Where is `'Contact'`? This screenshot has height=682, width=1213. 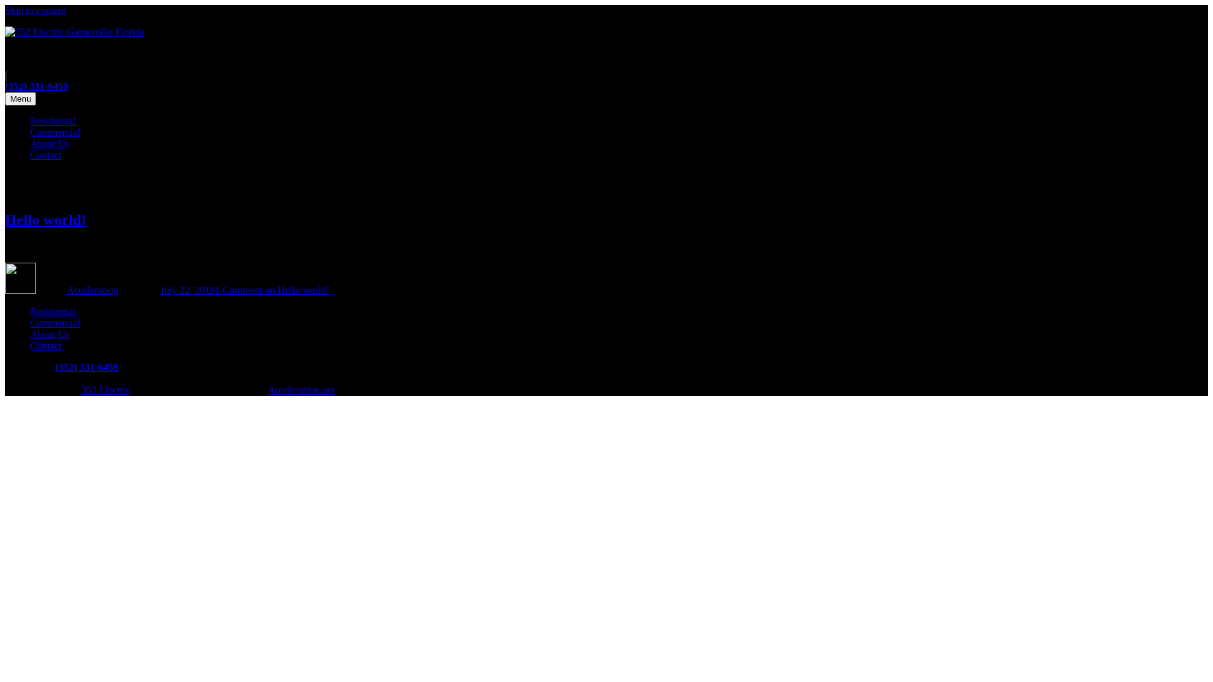 'Contact' is located at coordinates (30, 345).